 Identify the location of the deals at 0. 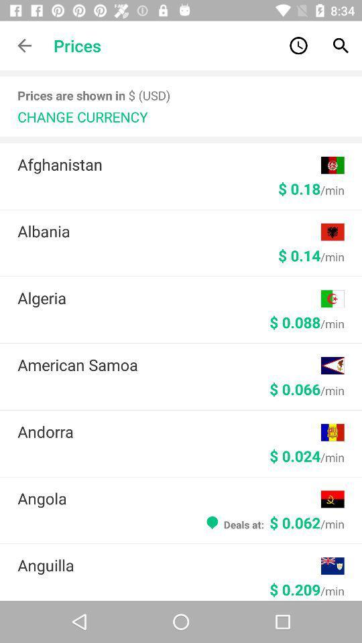
(274, 522).